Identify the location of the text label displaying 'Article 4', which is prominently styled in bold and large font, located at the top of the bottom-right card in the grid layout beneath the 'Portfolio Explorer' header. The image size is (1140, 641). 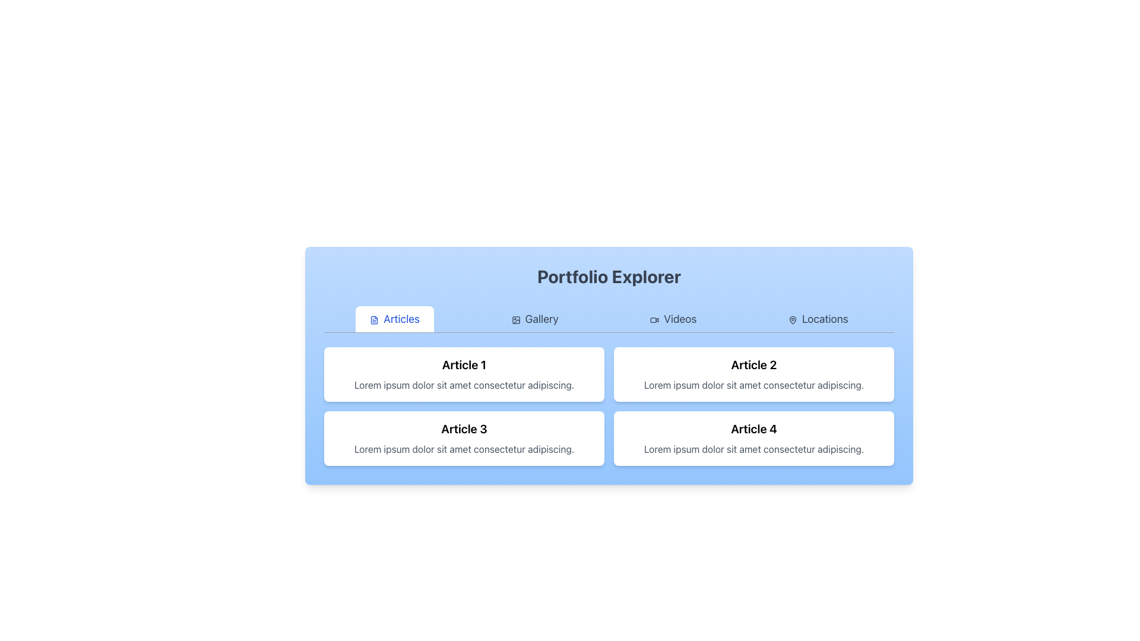
(753, 429).